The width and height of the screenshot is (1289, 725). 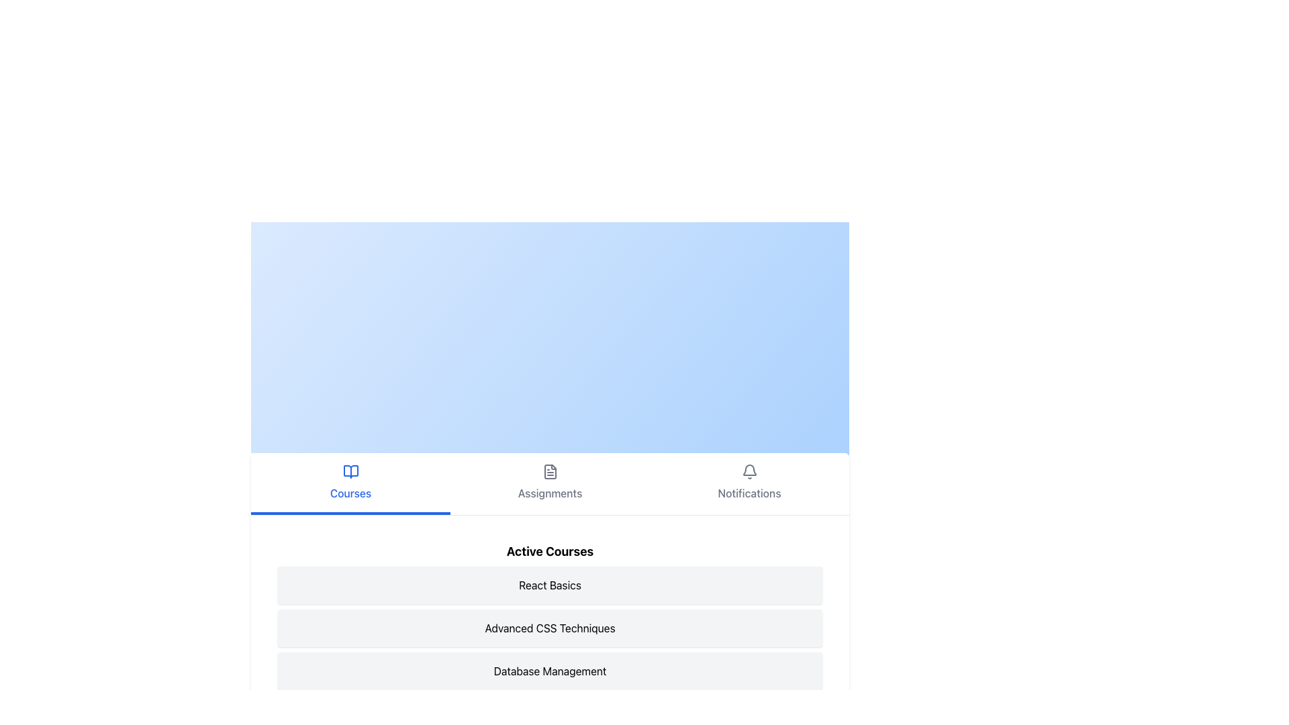 I want to click on the clickable navigation button for notifications located in the middle of the navigation bar at the bottom section of the interface, so click(x=749, y=481).